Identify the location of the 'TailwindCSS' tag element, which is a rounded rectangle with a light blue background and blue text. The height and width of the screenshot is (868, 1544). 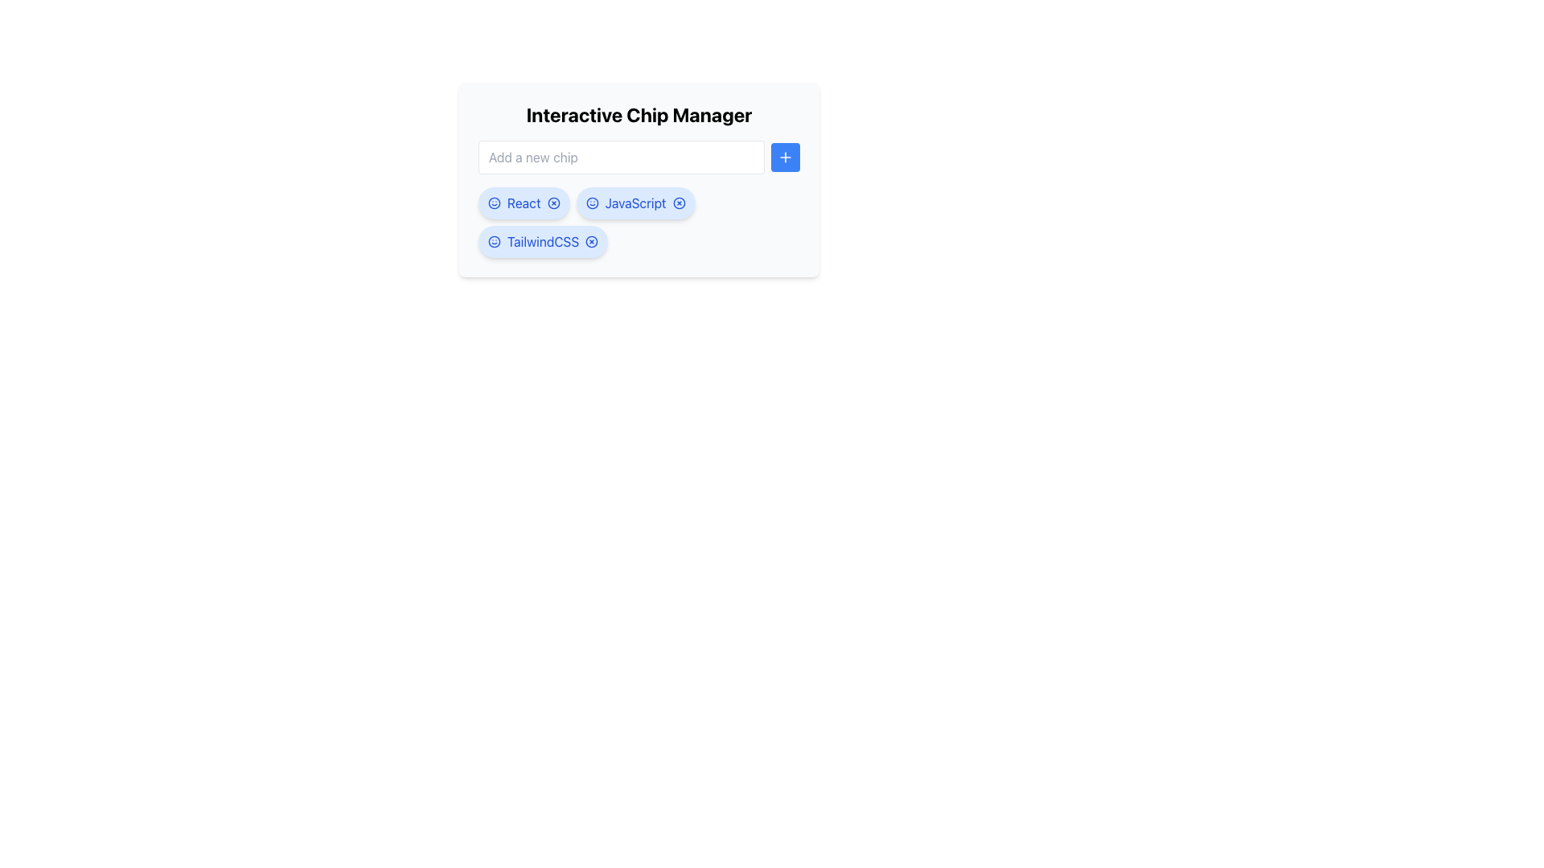
(543, 241).